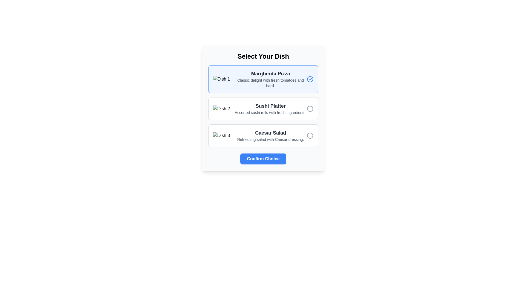 This screenshot has height=296, width=526. What do you see at coordinates (270, 139) in the screenshot?
I see `description text label that states 'Refreshing salad with Caesar dressing.' which is styled in a small, gray font and located below the bold title 'Caesar Salad'` at bounding box center [270, 139].